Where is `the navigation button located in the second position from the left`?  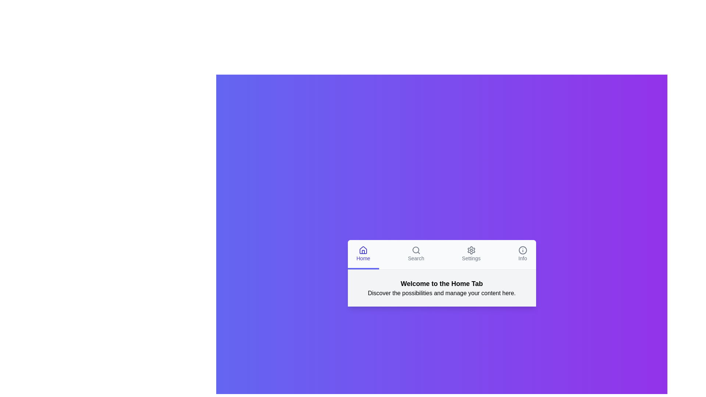
the navigation button located in the second position from the left is located at coordinates (416, 254).